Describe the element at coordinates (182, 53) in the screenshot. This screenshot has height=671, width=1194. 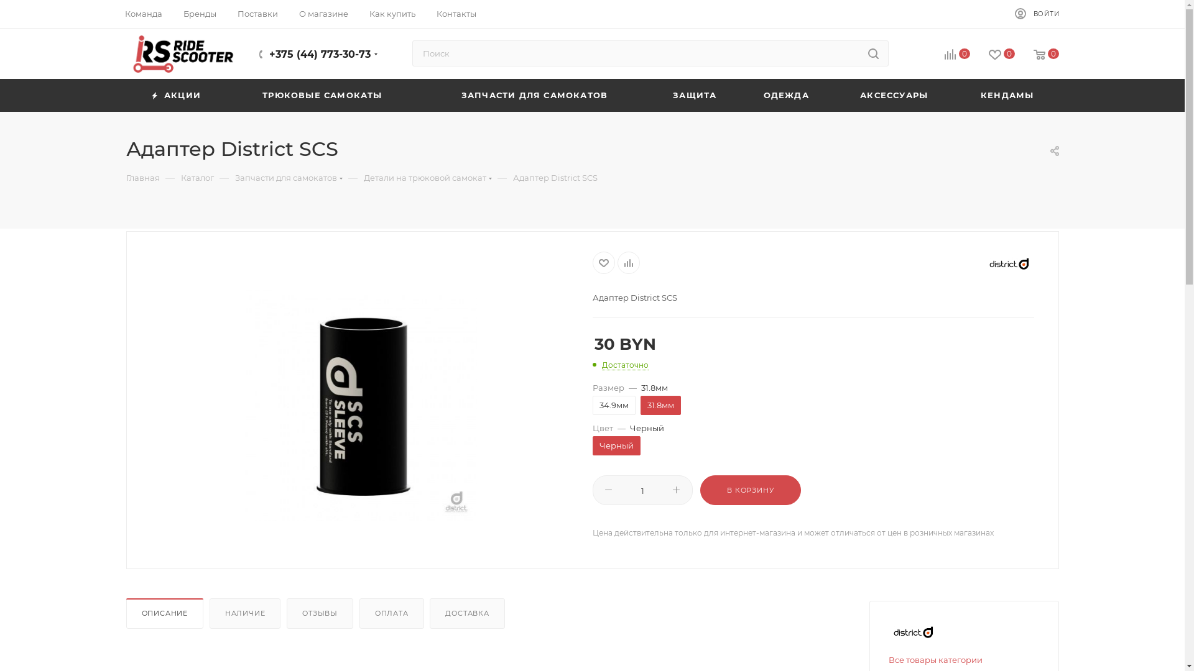
I see `'Ride scooter'` at that location.